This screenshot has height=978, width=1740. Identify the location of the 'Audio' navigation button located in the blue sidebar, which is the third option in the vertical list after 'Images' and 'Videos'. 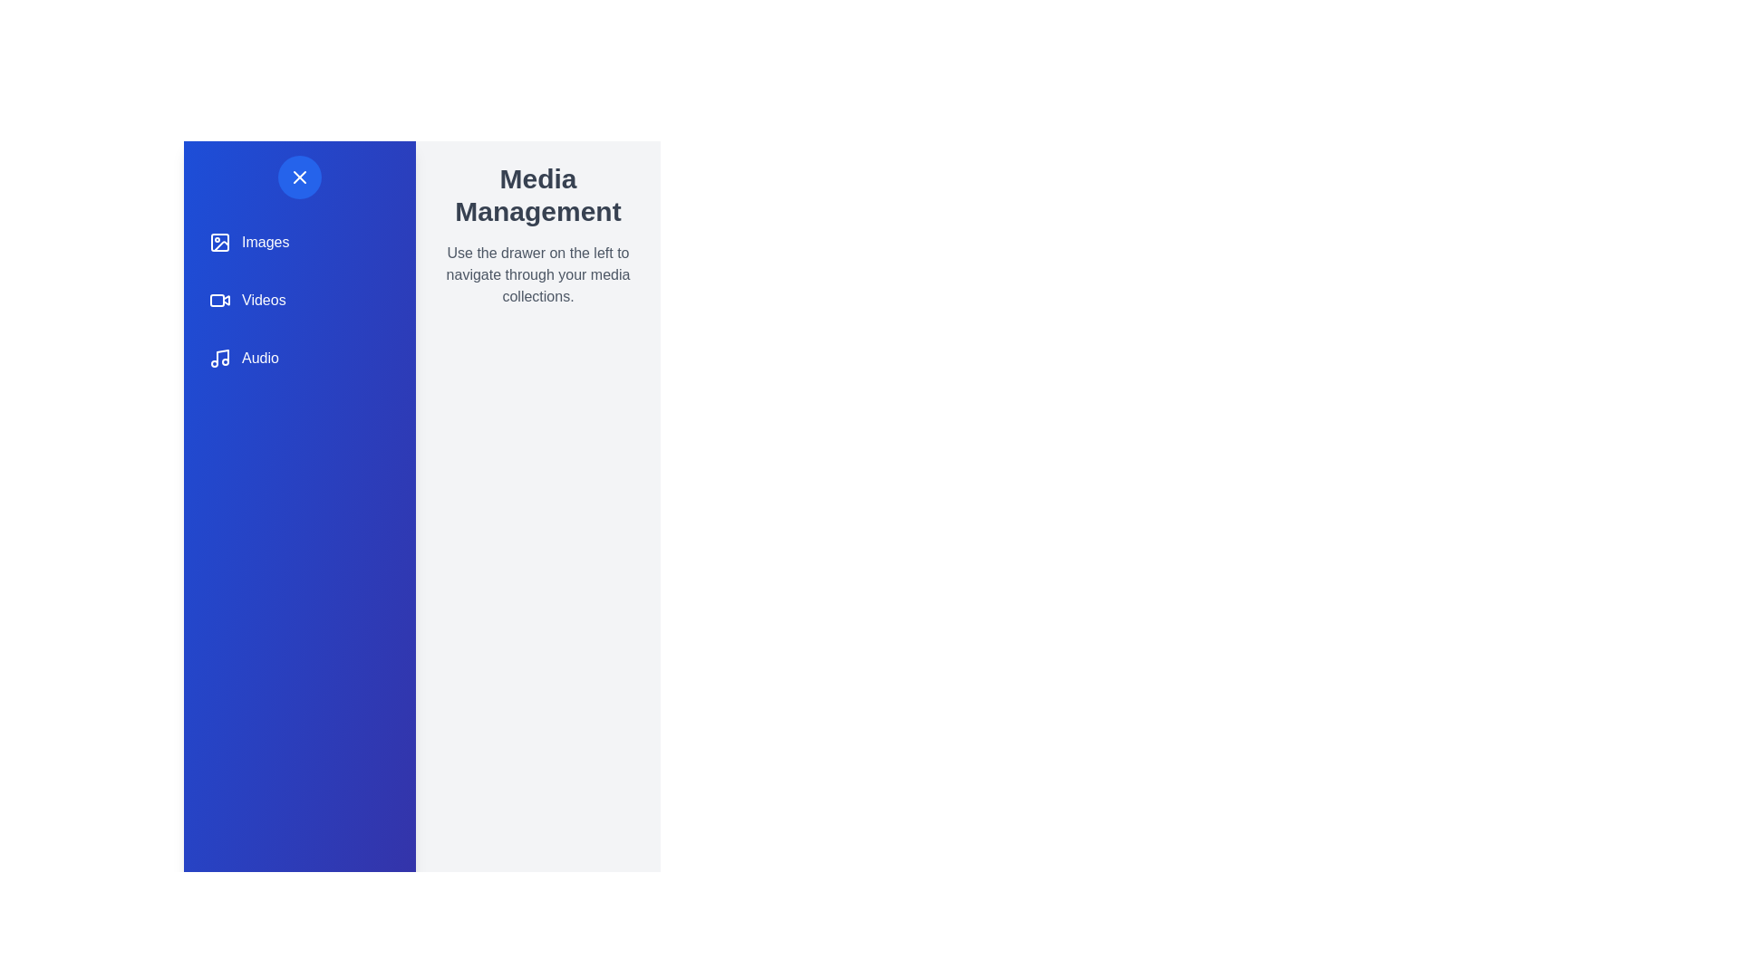
(243, 359).